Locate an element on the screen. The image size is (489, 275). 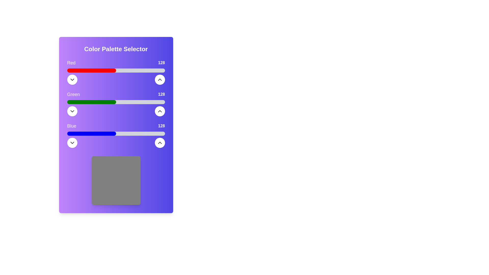
the circular white button with a downward arrow icon, located to the left of the 'Red' slider, to decrease the value of the associated slider is located at coordinates (72, 79).